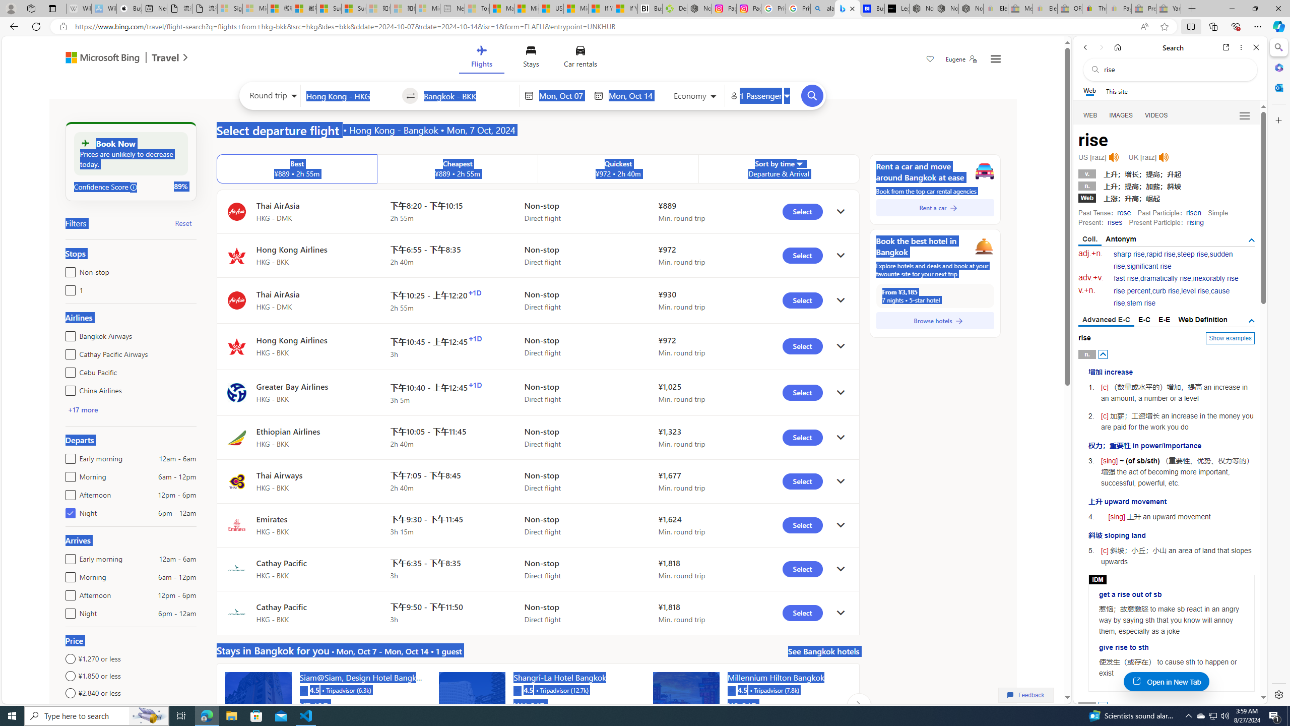 The image size is (1290, 726). Describe the element at coordinates (1195, 291) in the screenshot. I see `'level rise'` at that location.